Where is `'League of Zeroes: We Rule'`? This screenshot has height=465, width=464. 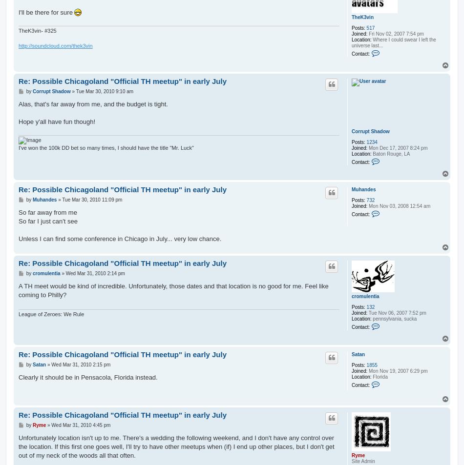 'League of Zeroes: We Rule' is located at coordinates (51, 314).